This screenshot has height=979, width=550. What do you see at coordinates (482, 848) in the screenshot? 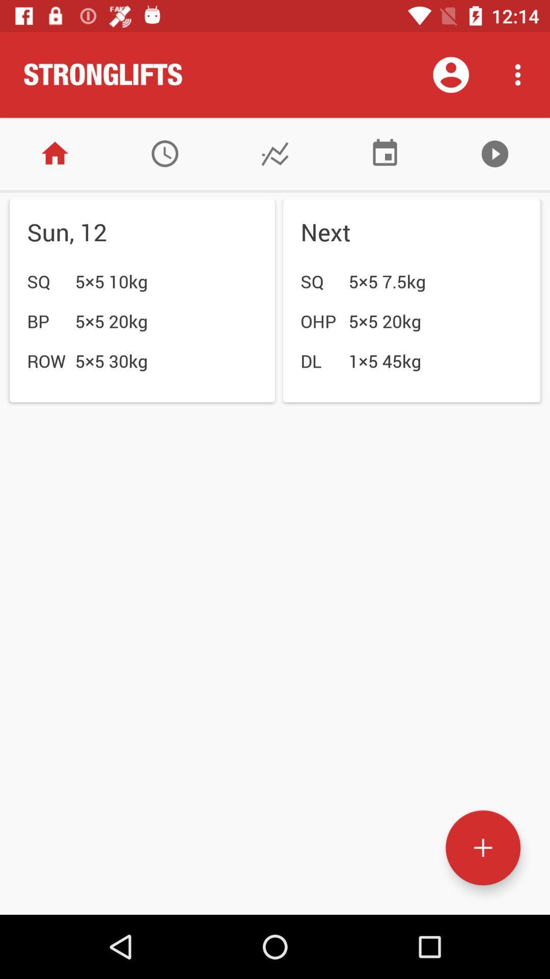
I see `the add icon` at bounding box center [482, 848].